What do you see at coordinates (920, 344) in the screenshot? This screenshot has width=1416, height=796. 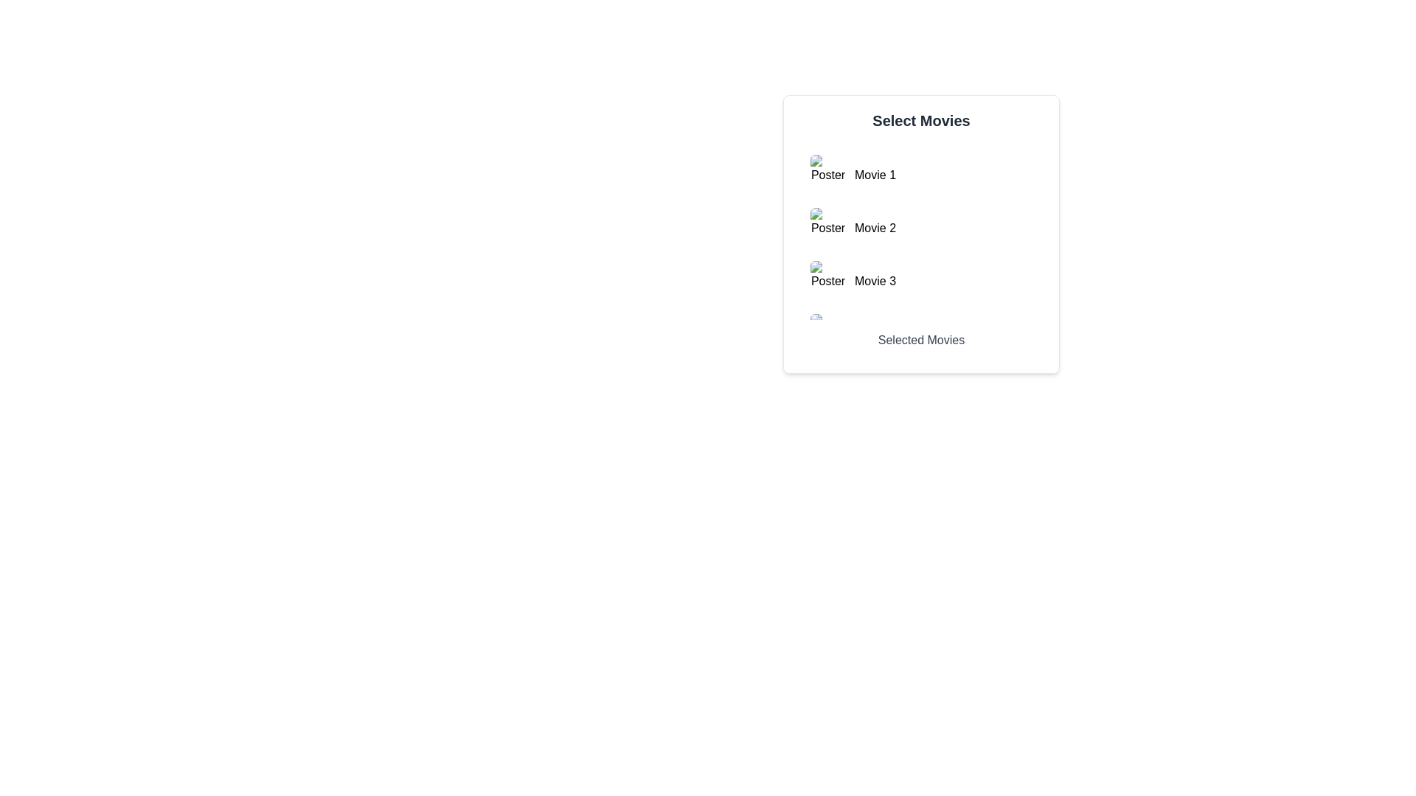 I see `the text label that identifies the section containing further information about selected movies, positioned below the 'Select Movies' title and the scrollable list of items labeled 'Movie 1' to 'Movie 3'` at bounding box center [920, 344].